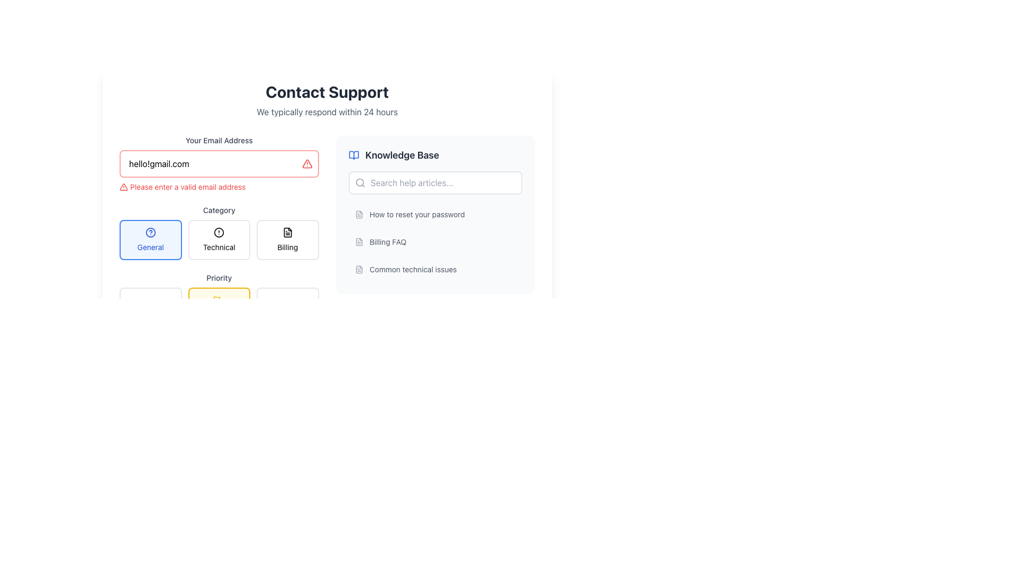 The width and height of the screenshot is (1016, 571). Describe the element at coordinates (219, 140) in the screenshot. I see `the Text Label that describes the 'Your Email Address' input field located at the top of the input box on the Contact Support page` at that location.